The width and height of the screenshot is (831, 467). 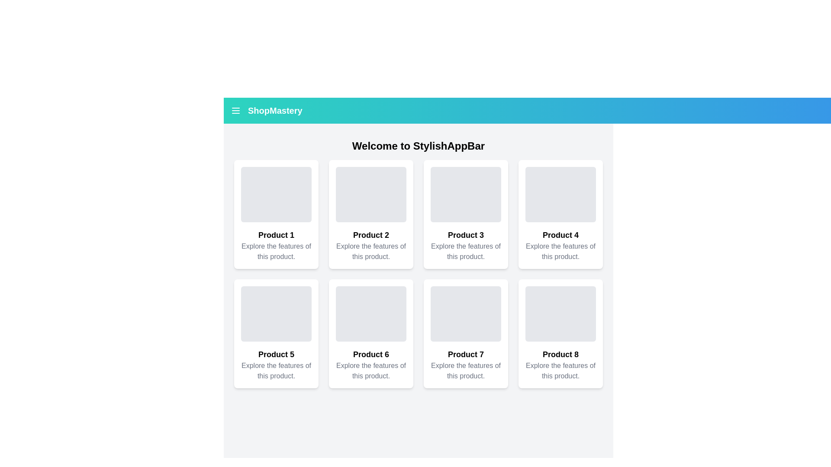 I want to click on the 'Product 2' text label, which is styled in bold and slightly larger font size, located within the second card in the first row of a grid layout, so click(x=371, y=235).